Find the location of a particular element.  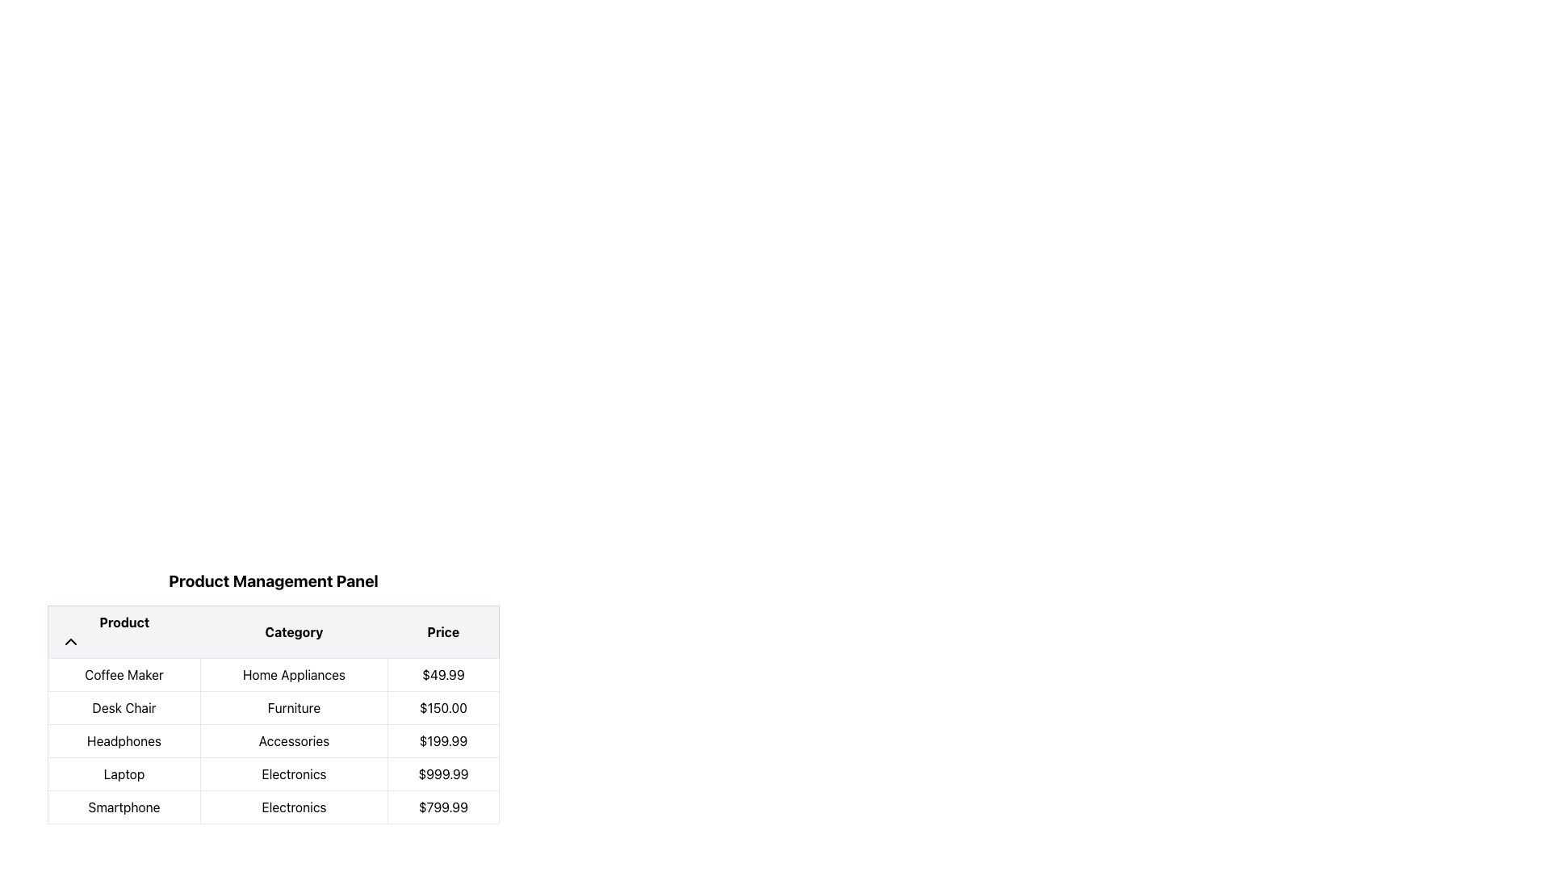

the static text label displaying the price of the 'Laptop' product in the third cell of the fourth row of the table is located at coordinates (443, 773).